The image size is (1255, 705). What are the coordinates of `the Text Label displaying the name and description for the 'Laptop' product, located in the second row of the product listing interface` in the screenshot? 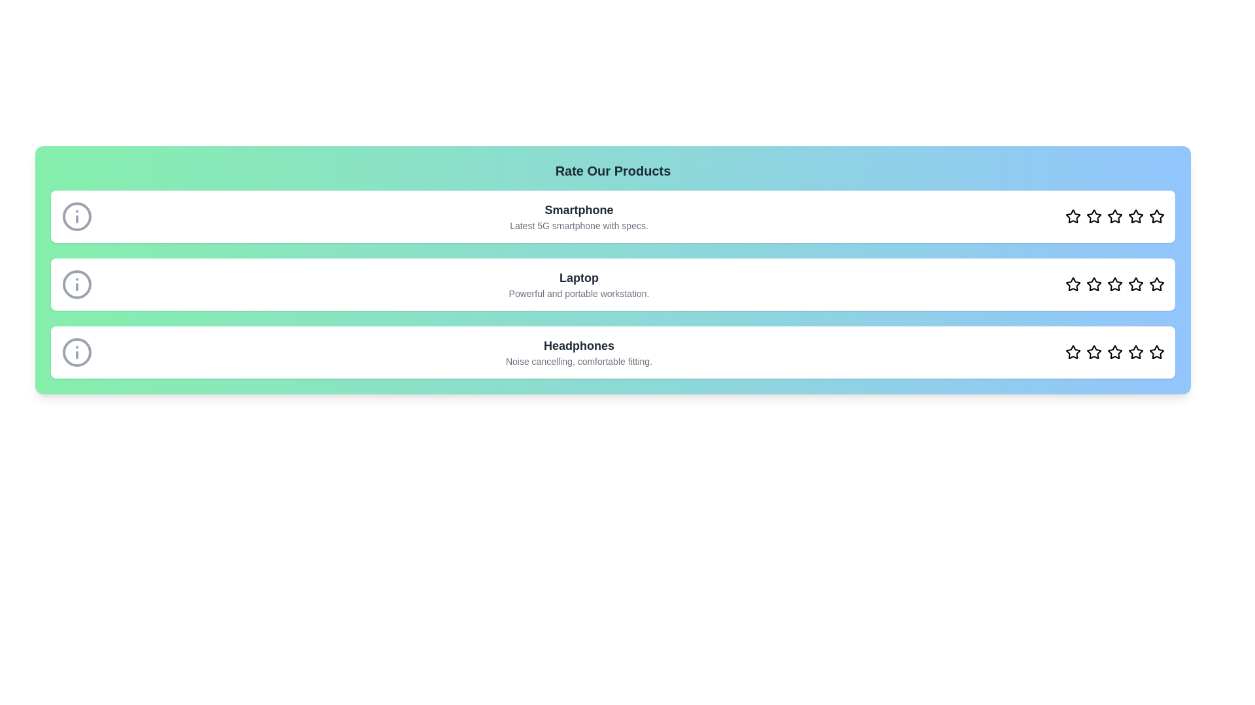 It's located at (578, 283).